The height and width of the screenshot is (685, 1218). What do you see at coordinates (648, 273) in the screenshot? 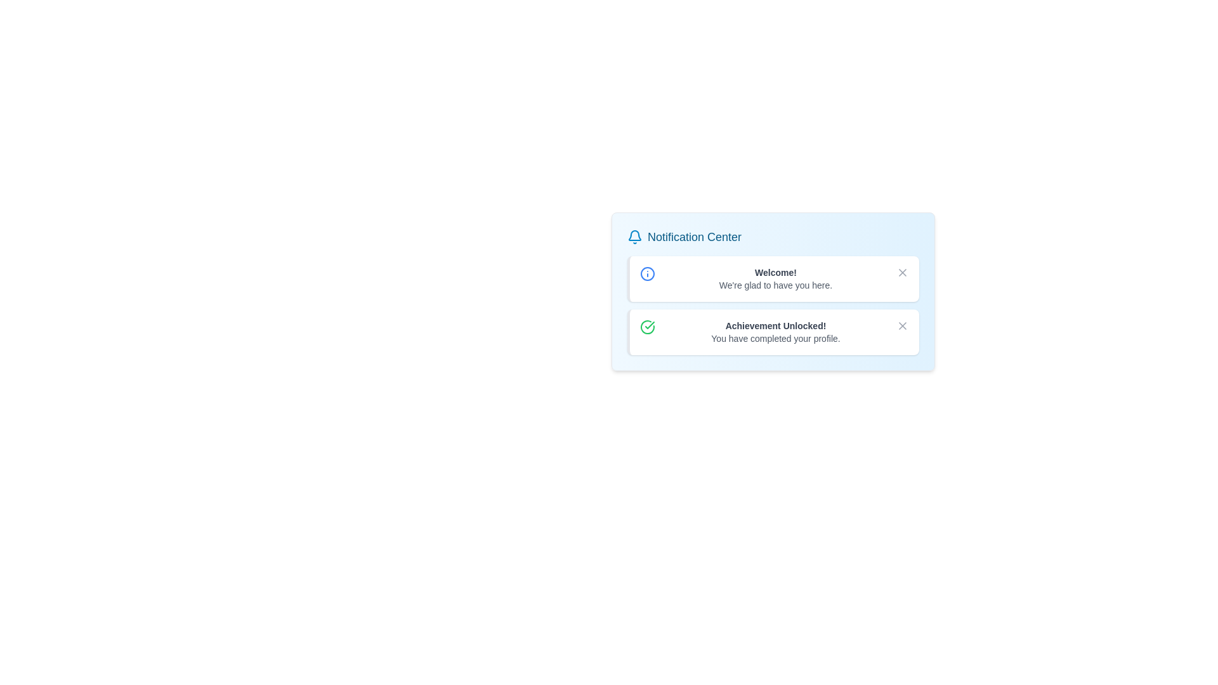
I see `the circular graphical element within the information icon in the Notification Center by clicking on it if enabled` at bounding box center [648, 273].